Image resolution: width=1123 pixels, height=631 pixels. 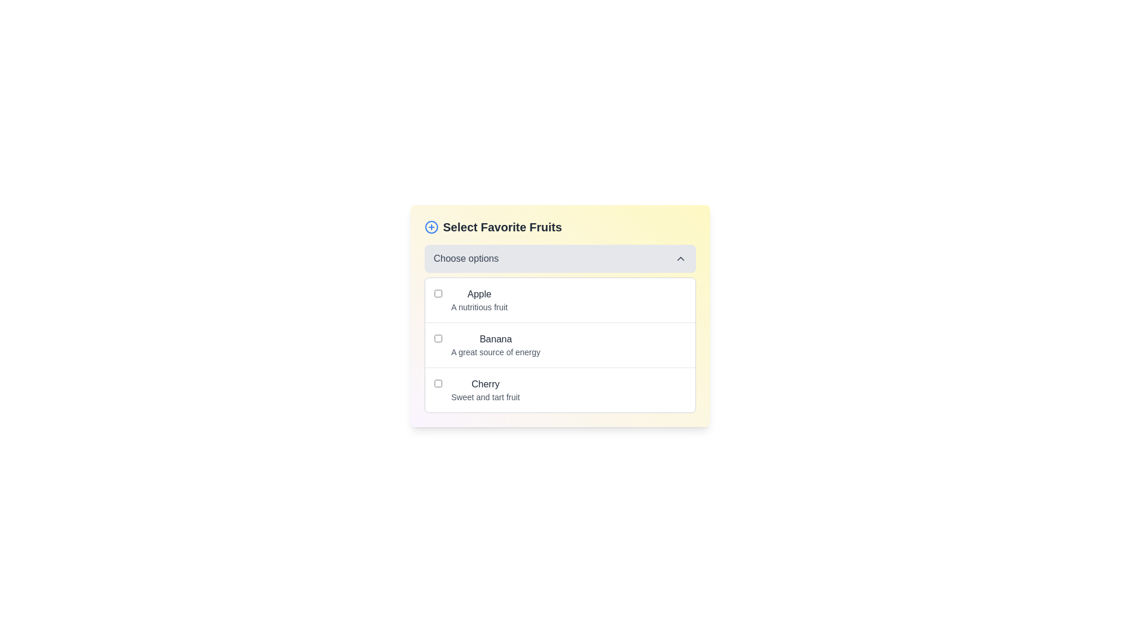 What do you see at coordinates (495, 351) in the screenshot?
I see `the textual element that provides additional descriptive information about the 'Banana' option in the dropdown list` at bounding box center [495, 351].